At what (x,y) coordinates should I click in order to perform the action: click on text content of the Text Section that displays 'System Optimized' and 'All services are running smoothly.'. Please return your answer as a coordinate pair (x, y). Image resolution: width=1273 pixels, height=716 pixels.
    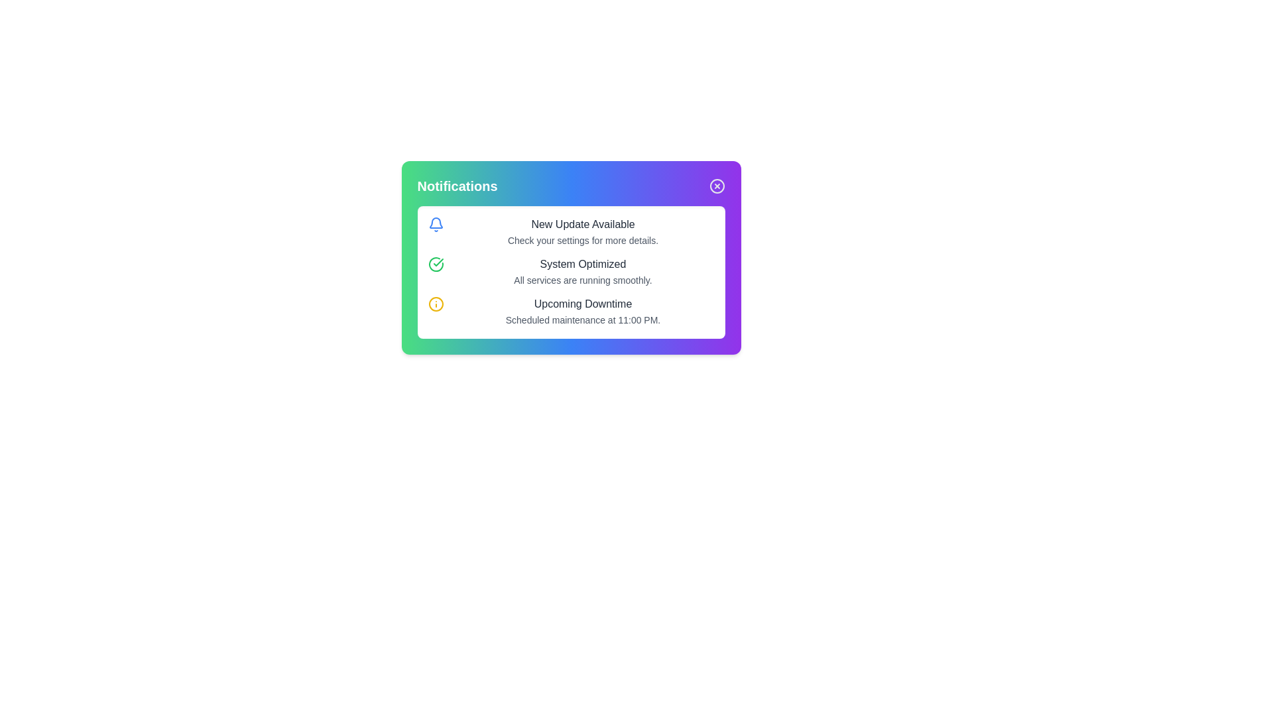
    Looking at the image, I should click on (583, 272).